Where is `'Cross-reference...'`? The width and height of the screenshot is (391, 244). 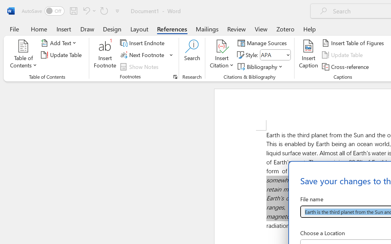
'Cross-reference...' is located at coordinates (346, 66).